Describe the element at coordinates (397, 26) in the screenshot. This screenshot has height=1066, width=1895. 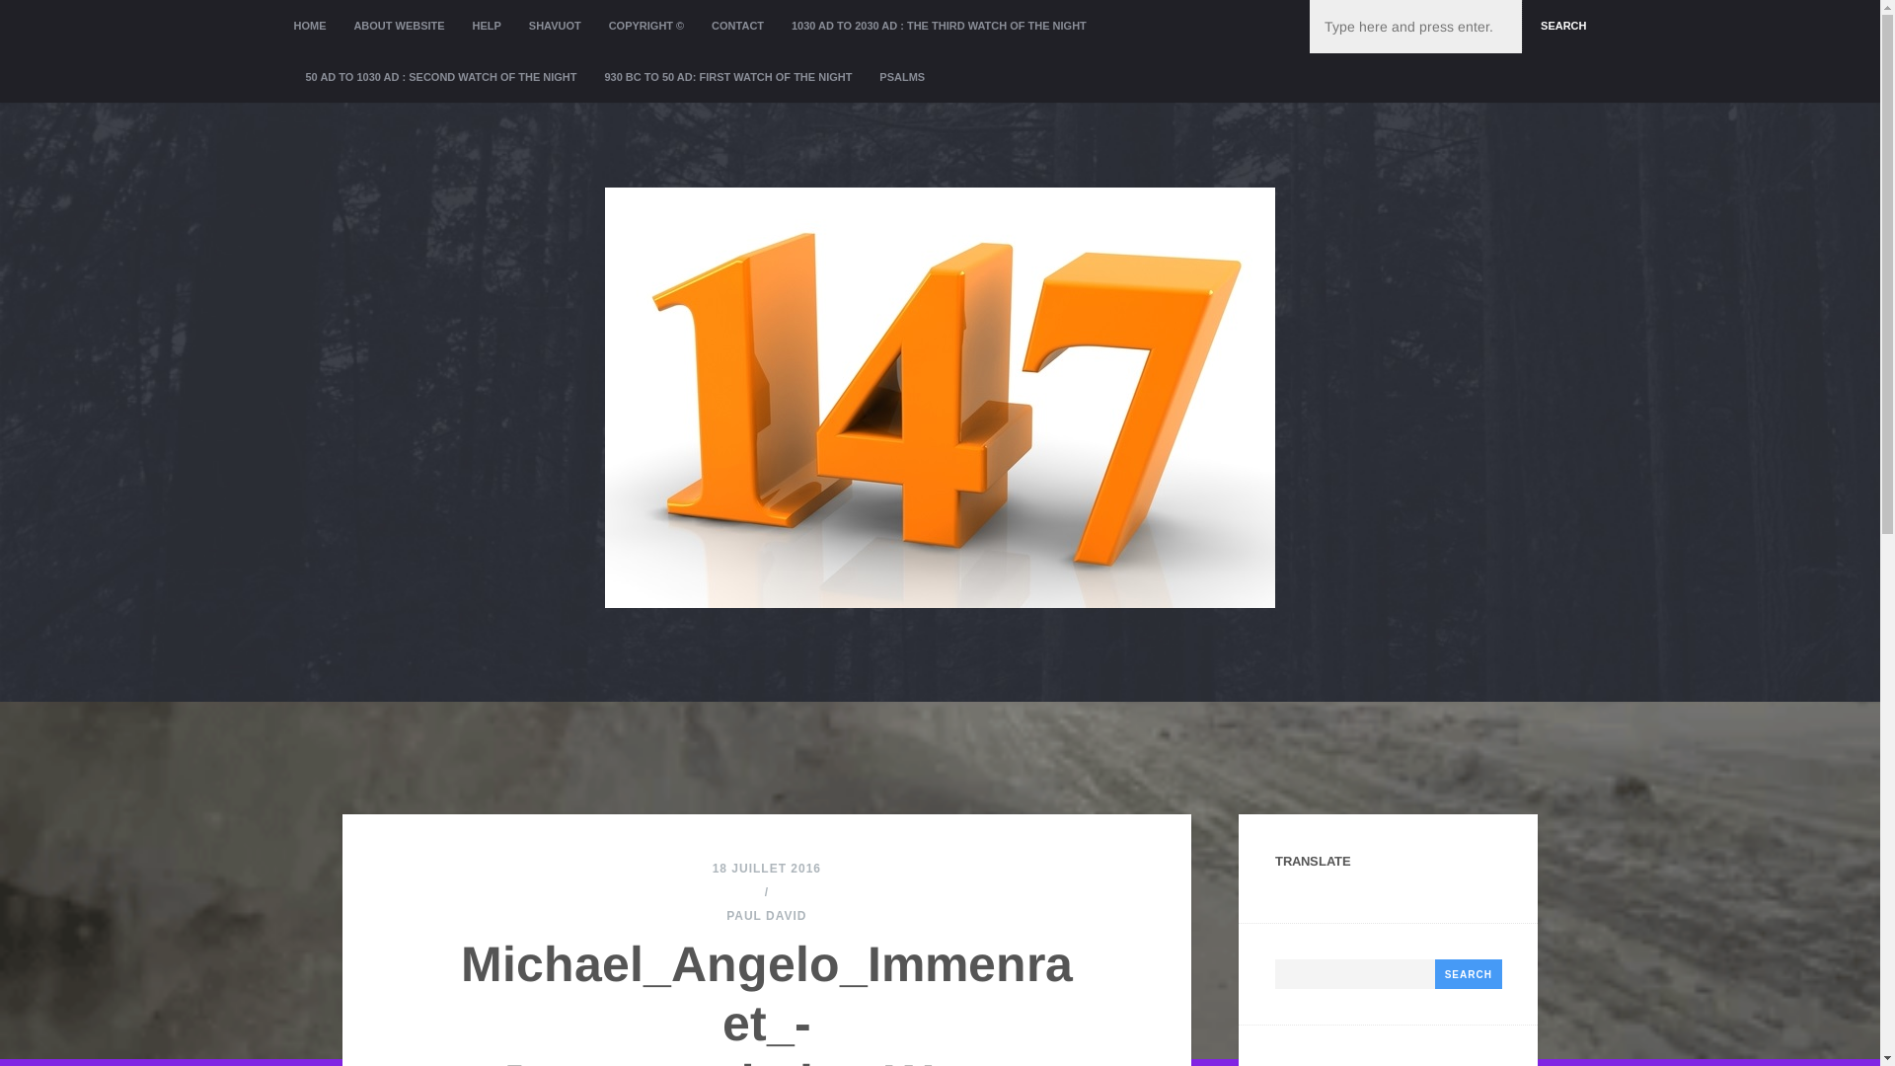
I see `'ABOUT WEBSITE'` at that location.